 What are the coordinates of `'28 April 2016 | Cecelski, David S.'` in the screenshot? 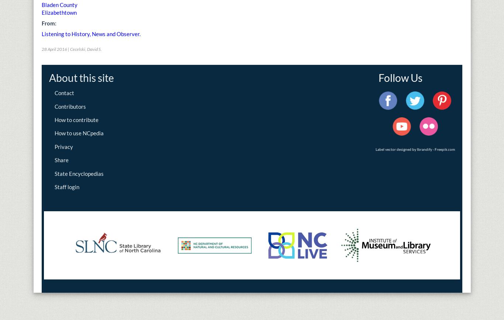 It's located at (71, 49).